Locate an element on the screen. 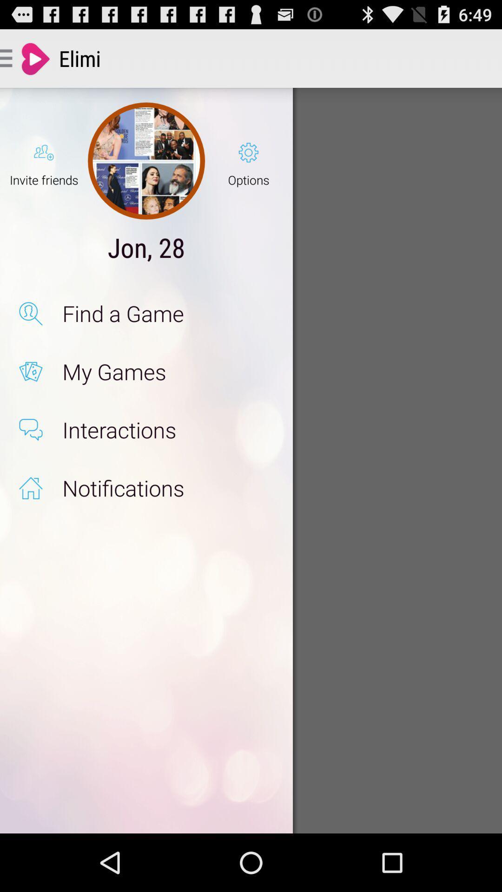 Image resolution: width=502 pixels, height=892 pixels. the icon to the right of the invite friends item is located at coordinates (146, 161).